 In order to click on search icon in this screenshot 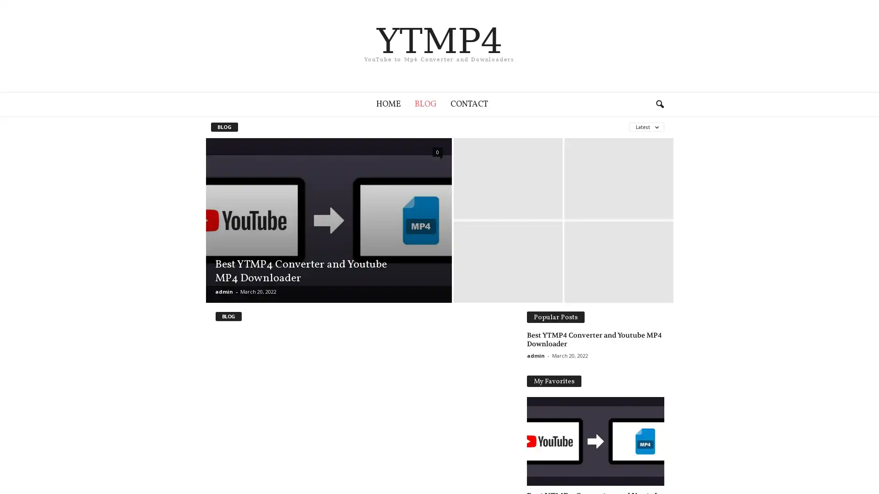, I will do `click(659, 103)`.